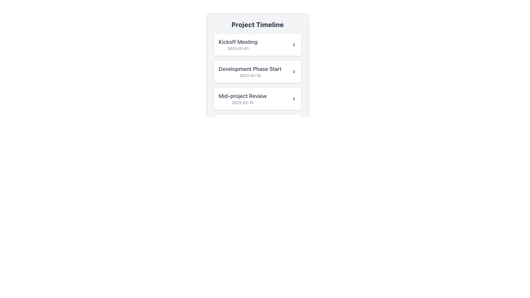  I want to click on bold text label displaying 'Kickoff Meeting' located at the top-left of the list section under 'Project Timeline', so click(238, 41).